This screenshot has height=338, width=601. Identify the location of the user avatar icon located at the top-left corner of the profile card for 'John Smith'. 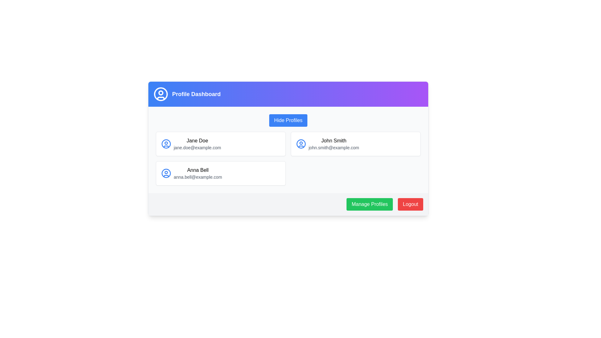
(301, 144).